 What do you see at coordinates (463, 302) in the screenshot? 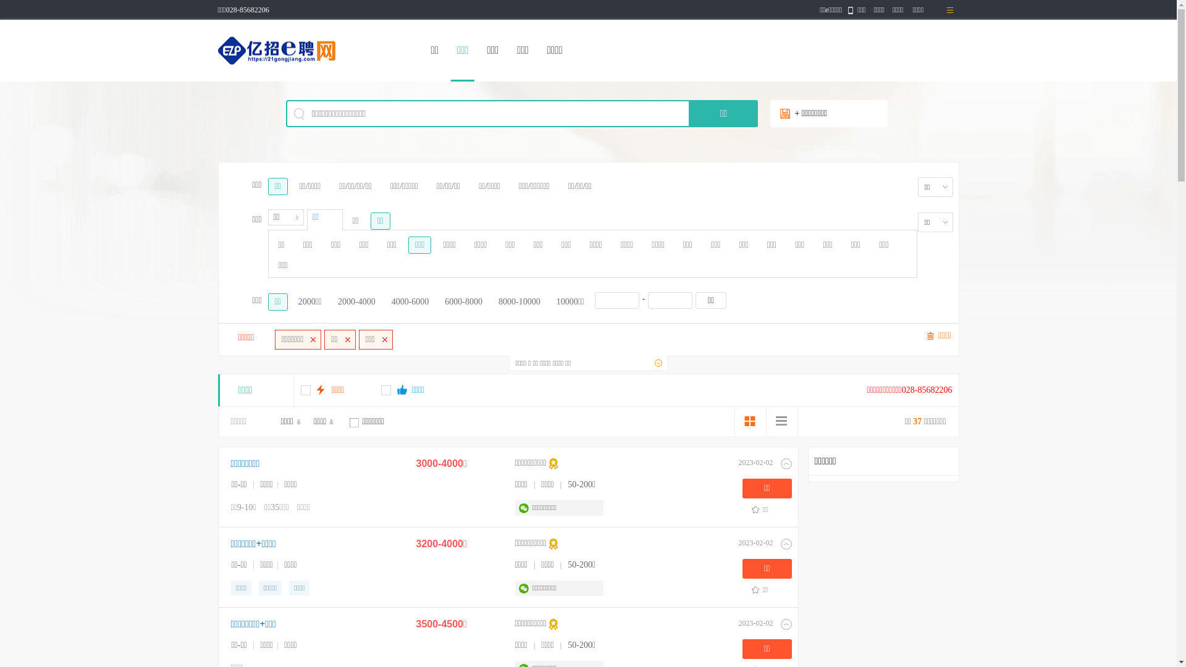
I see `'6000-8000'` at bounding box center [463, 302].